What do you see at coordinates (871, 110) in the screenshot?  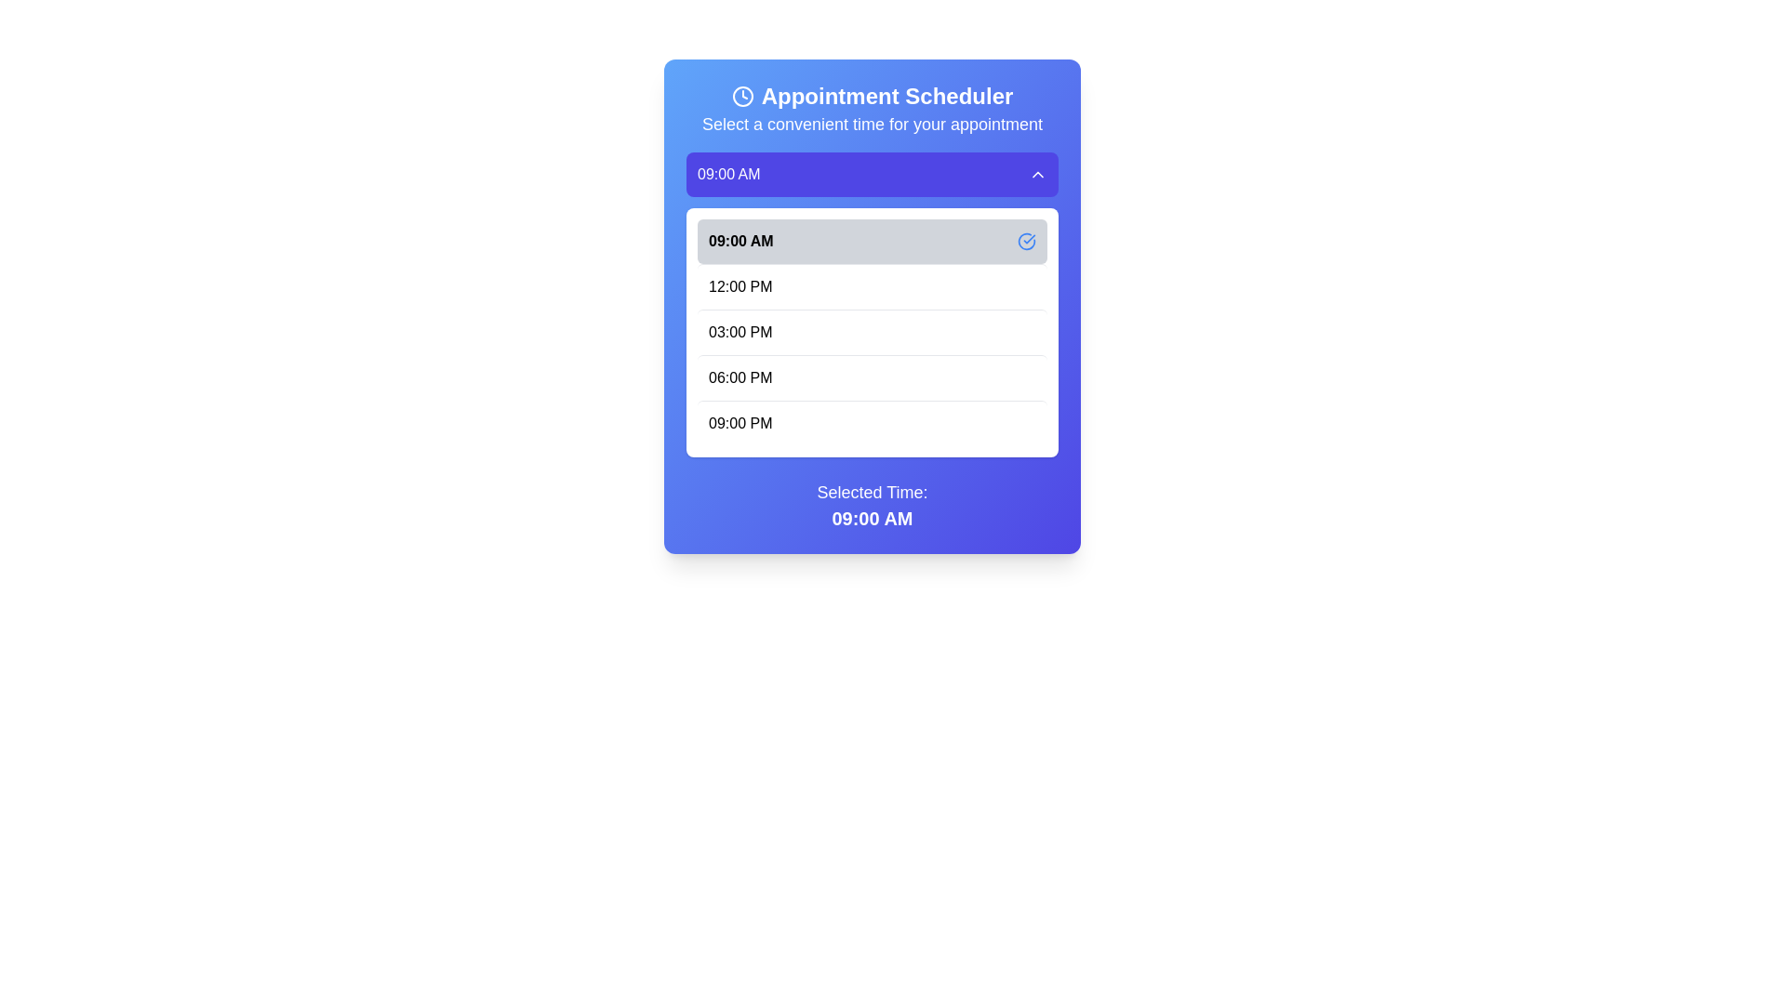 I see `the header element that introduces the appointment scheduler feature, located at the top center of the card component` at bounding box center [871, 110].